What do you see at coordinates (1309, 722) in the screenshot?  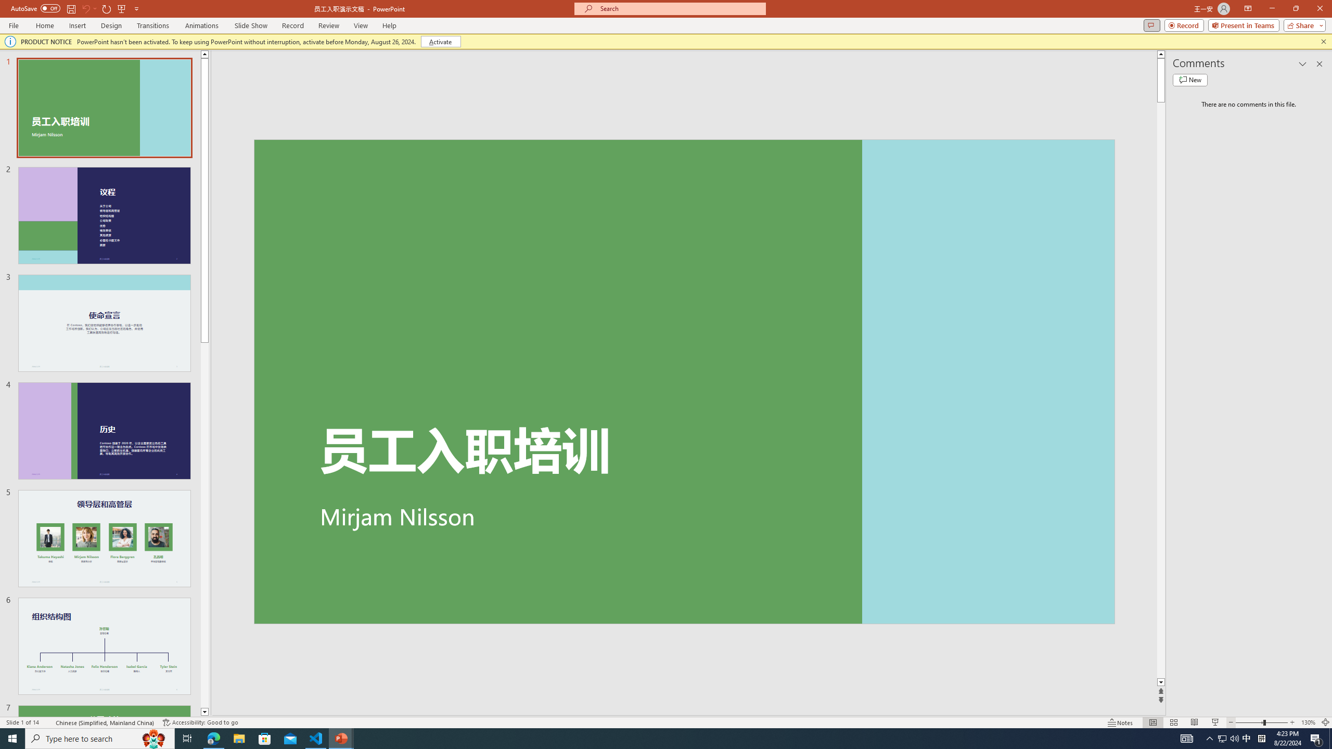 I see `'Zoom 130%'` at bounding box center [1309, 722].